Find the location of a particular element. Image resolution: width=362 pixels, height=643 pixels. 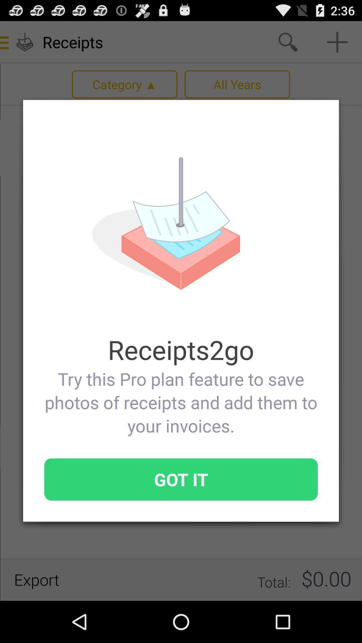

the got it item is located at coordinates (181, 479).